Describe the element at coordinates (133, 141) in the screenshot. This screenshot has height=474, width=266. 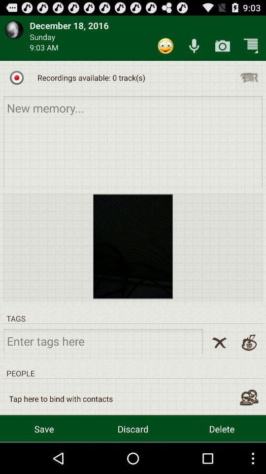
I see `type to describe memory` at that location.